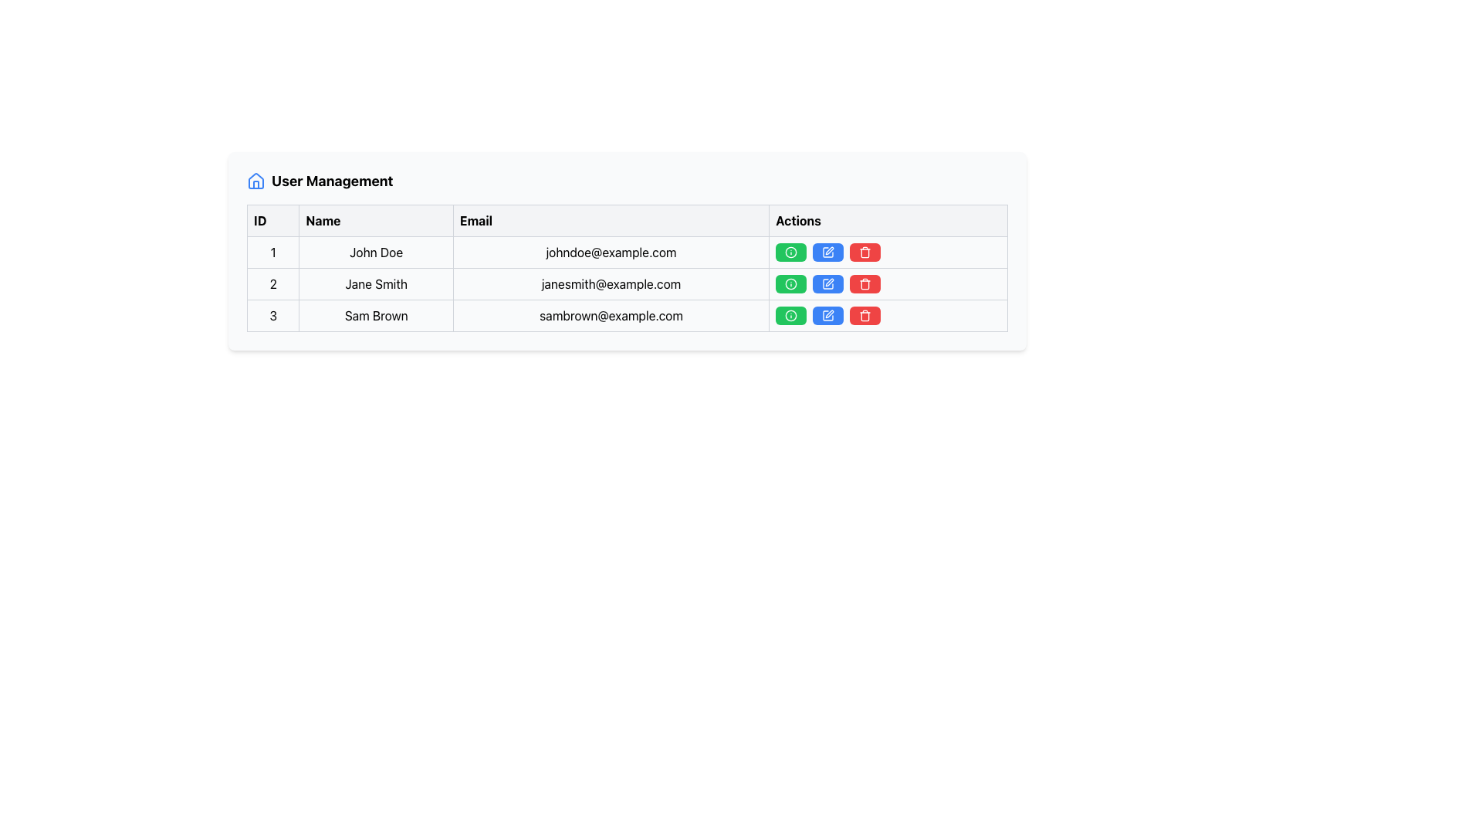  I want to click on text 'Jane Smith' located in the second row under the 'Name' column of the table, which is between the ID '2' and the email address 'janesmith@example.com', so click(376, 283).